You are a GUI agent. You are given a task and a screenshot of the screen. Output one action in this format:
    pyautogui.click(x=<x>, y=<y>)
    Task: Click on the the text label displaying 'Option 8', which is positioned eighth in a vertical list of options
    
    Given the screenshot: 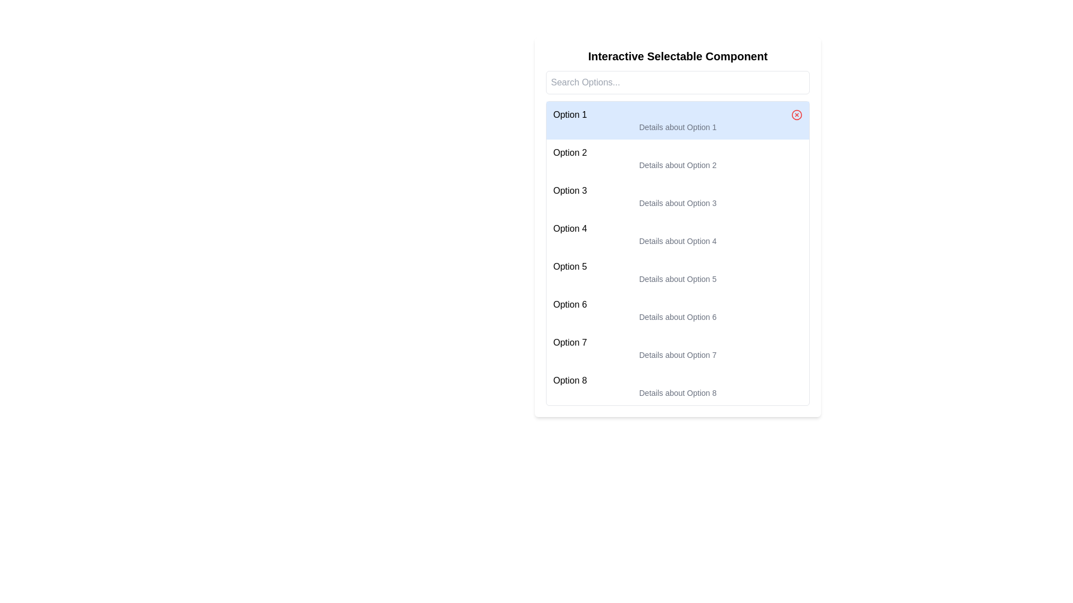 What is the action you would take?
    pyautogui.click(x=570, y=380)
    